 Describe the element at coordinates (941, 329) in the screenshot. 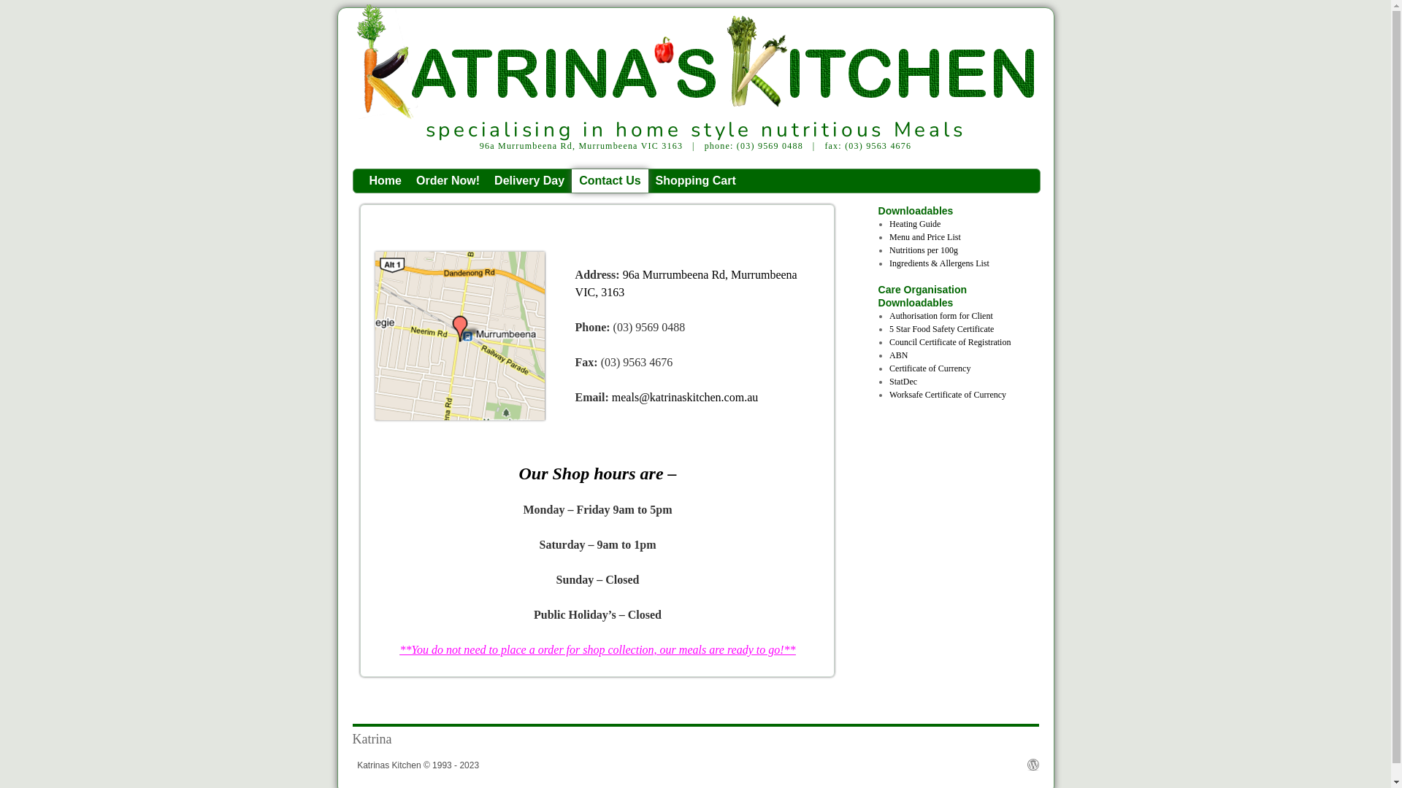

I see `'5 Star Food Safety Certificate'` at that location.